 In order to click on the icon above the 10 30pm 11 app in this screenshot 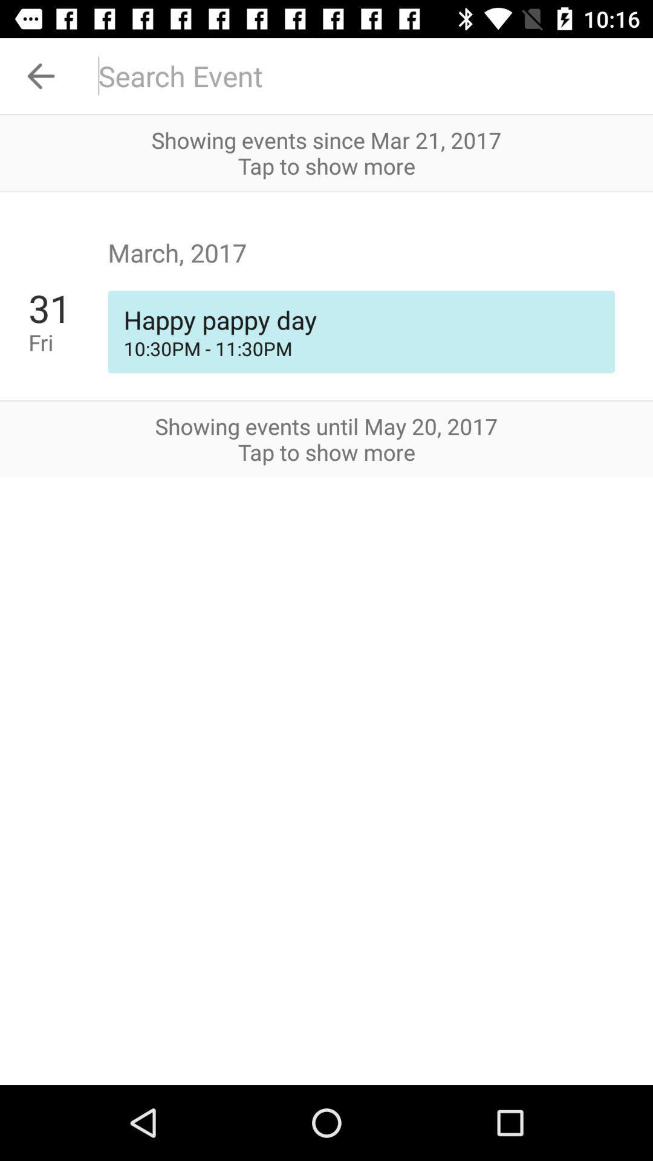, I will do `click(68, 308)`.